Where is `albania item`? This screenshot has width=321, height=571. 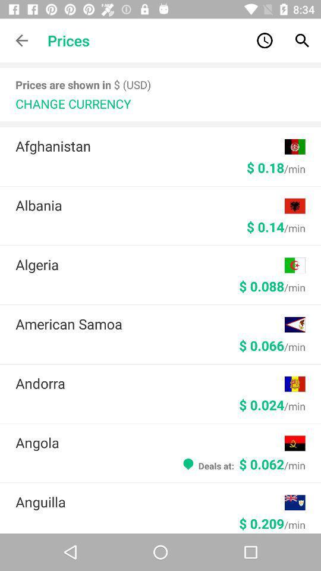
albania item is located at coordinates (150, 205).